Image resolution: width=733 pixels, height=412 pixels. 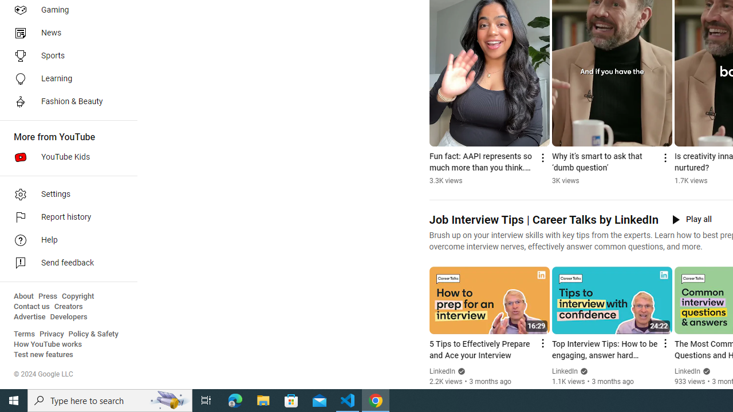 I want to click on 'How YouTube works', so click(x=47, y=344).